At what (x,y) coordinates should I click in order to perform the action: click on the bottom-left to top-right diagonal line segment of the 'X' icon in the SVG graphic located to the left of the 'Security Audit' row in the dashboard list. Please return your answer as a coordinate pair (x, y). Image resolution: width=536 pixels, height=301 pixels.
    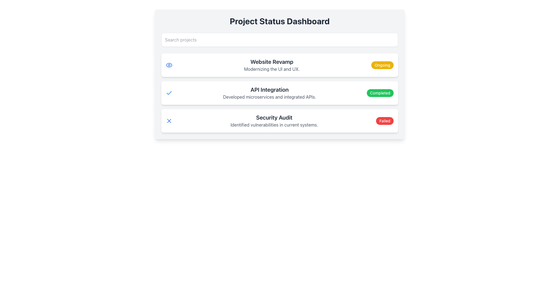
    Looking at the image, I should click on (169, 121).